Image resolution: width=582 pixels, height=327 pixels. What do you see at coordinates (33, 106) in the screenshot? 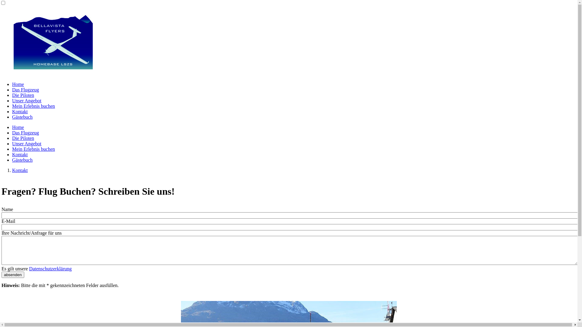
I see `'Mein Erlebnis buchen'` at bounding box center [33, 106].